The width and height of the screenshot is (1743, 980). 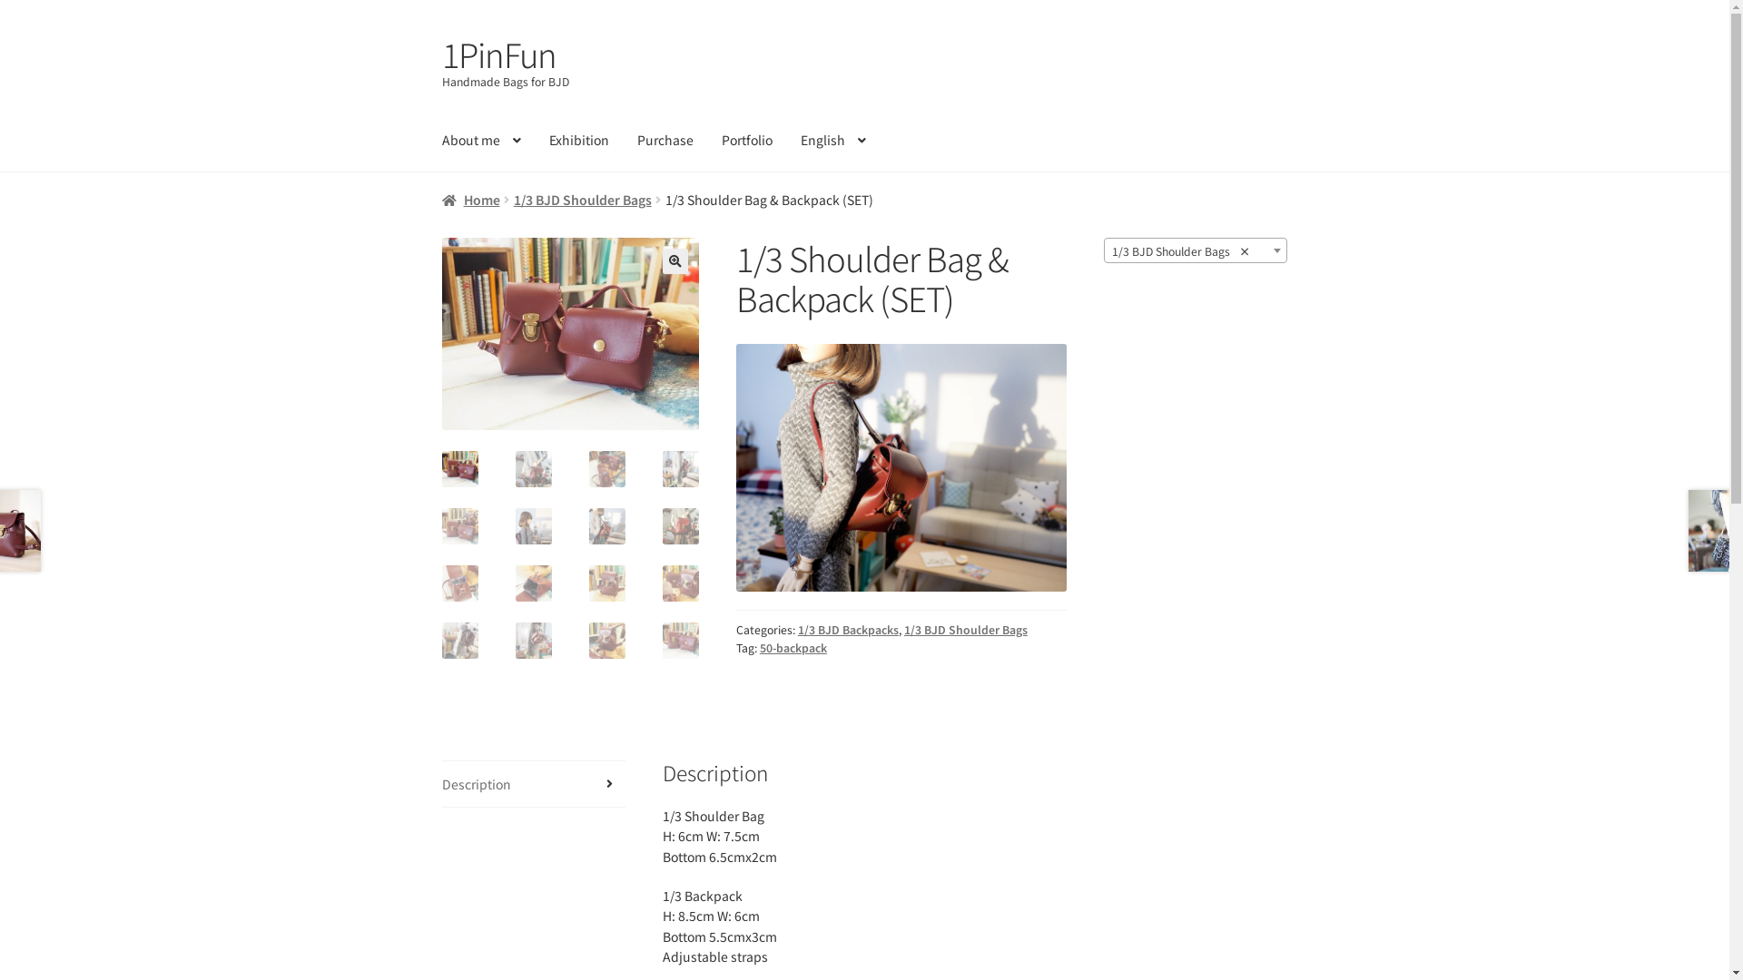 I want to click on '1/3 BJD Backpacks', so click(x=797, y=629).